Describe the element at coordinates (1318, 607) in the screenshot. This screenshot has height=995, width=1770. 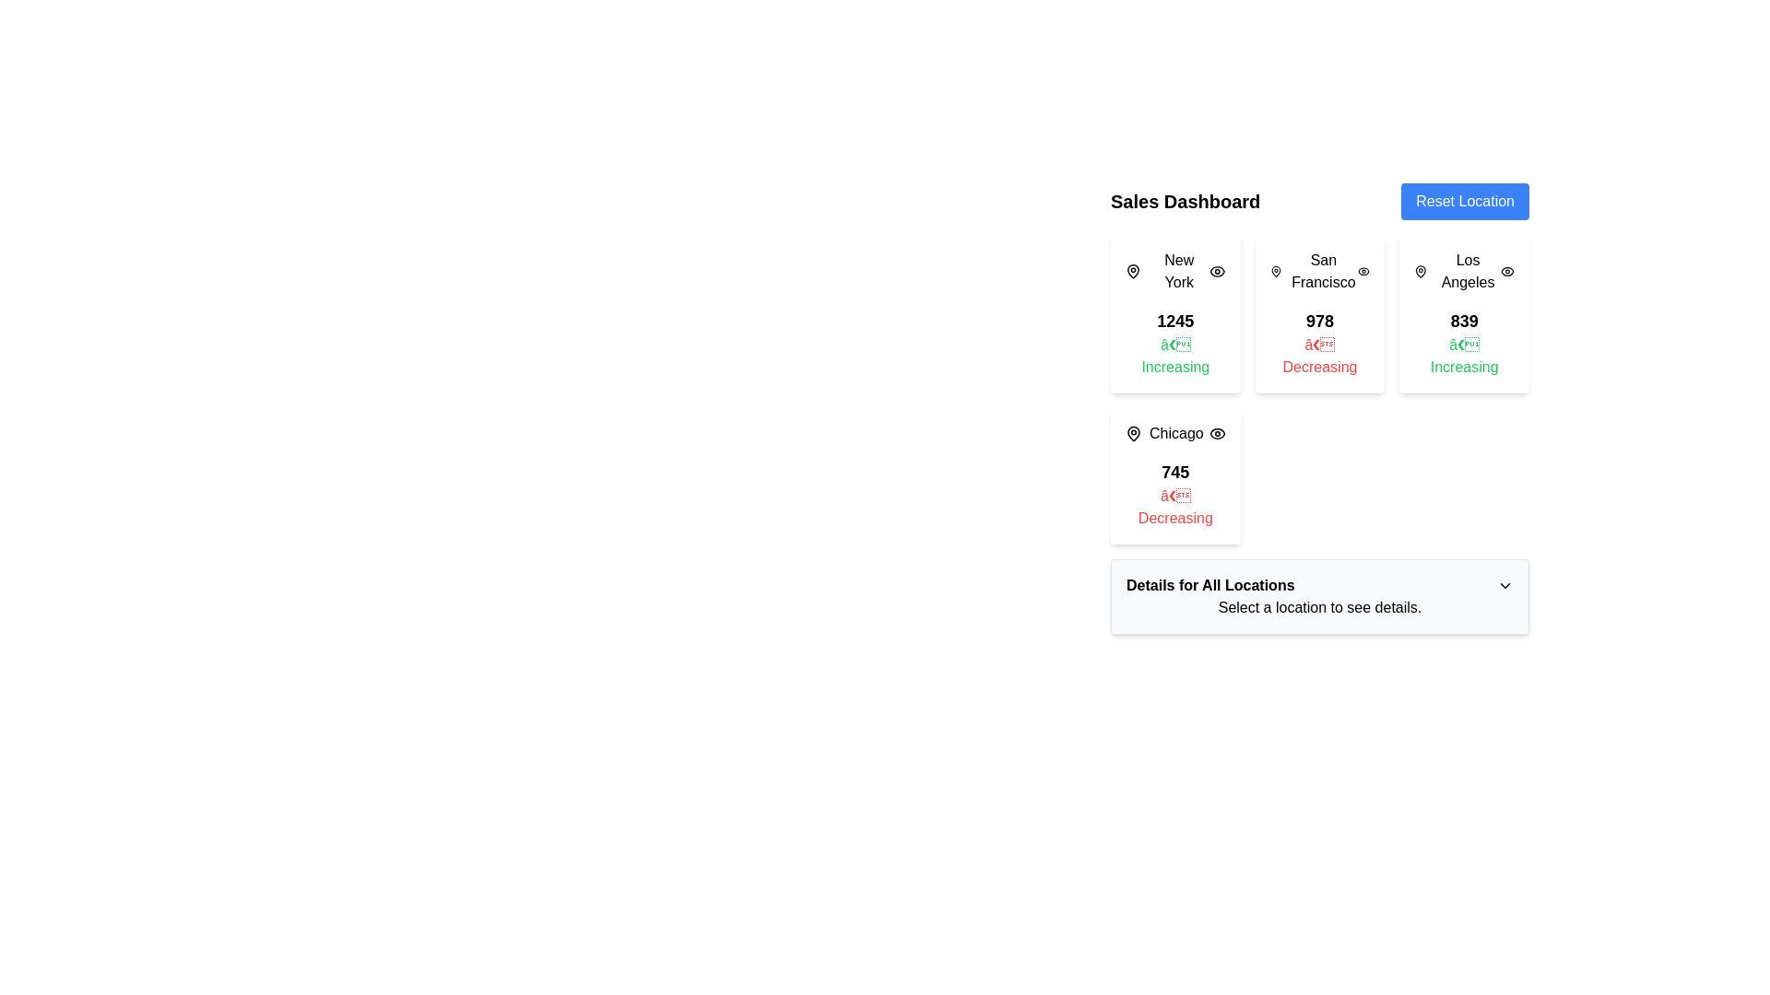
I see `the informational Text Label located below the title 'Details for All Locations', which prompts the user to select a location for related details` at that location.